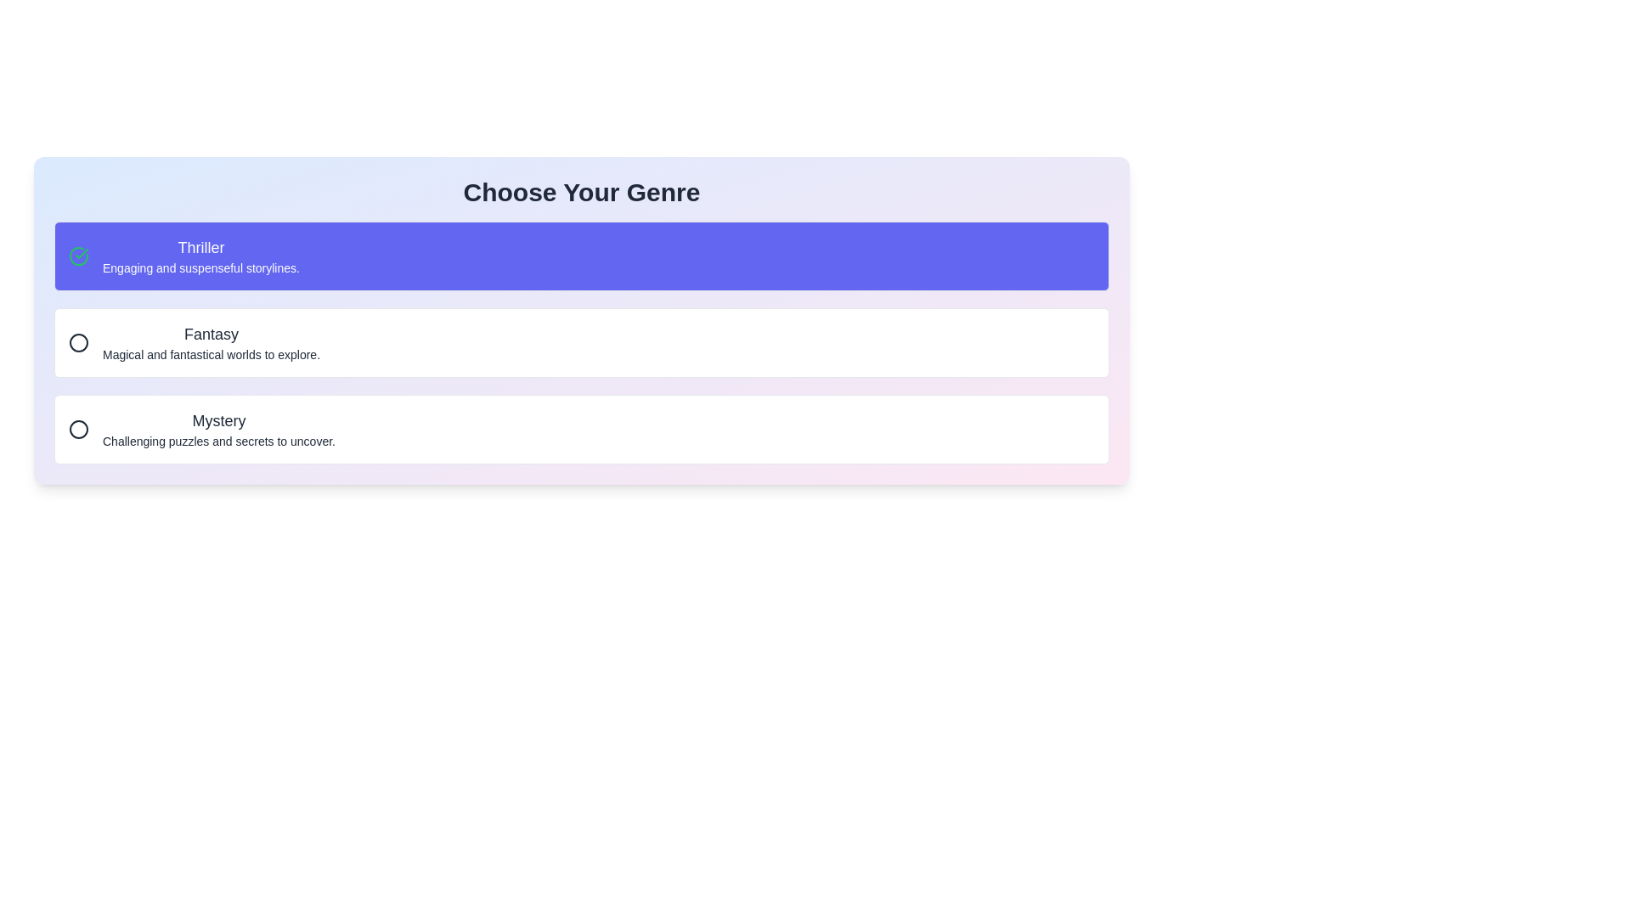  I want to click on text label that provides a description for the 'Thriller' genre, which is centrally aligned under the heading 'Choose Your Genre', so click(200, 267).